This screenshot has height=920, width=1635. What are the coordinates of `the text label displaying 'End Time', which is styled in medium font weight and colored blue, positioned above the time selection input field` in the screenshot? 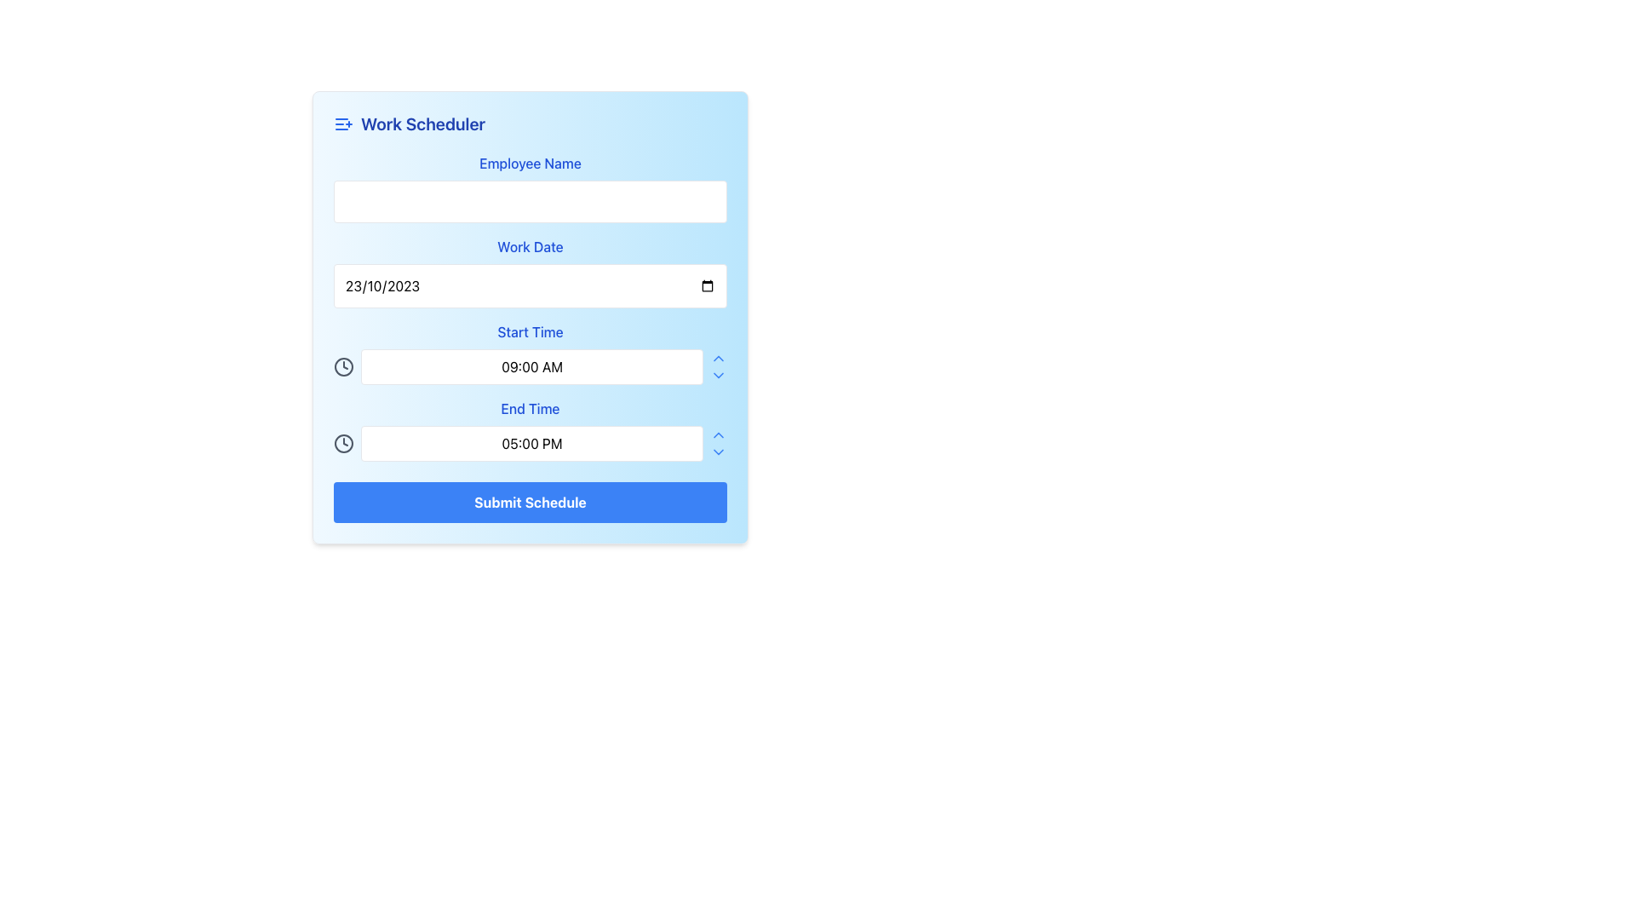 It's located at (530, 408).